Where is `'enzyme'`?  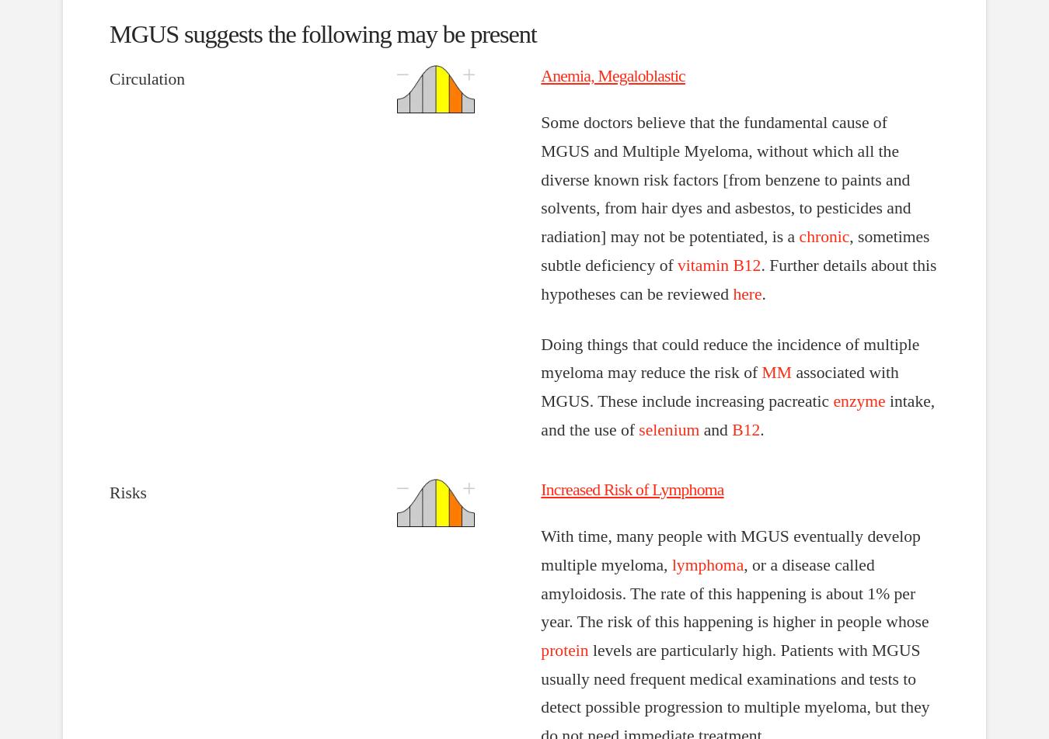 'enzyme' is located at coordinates (833, 401).